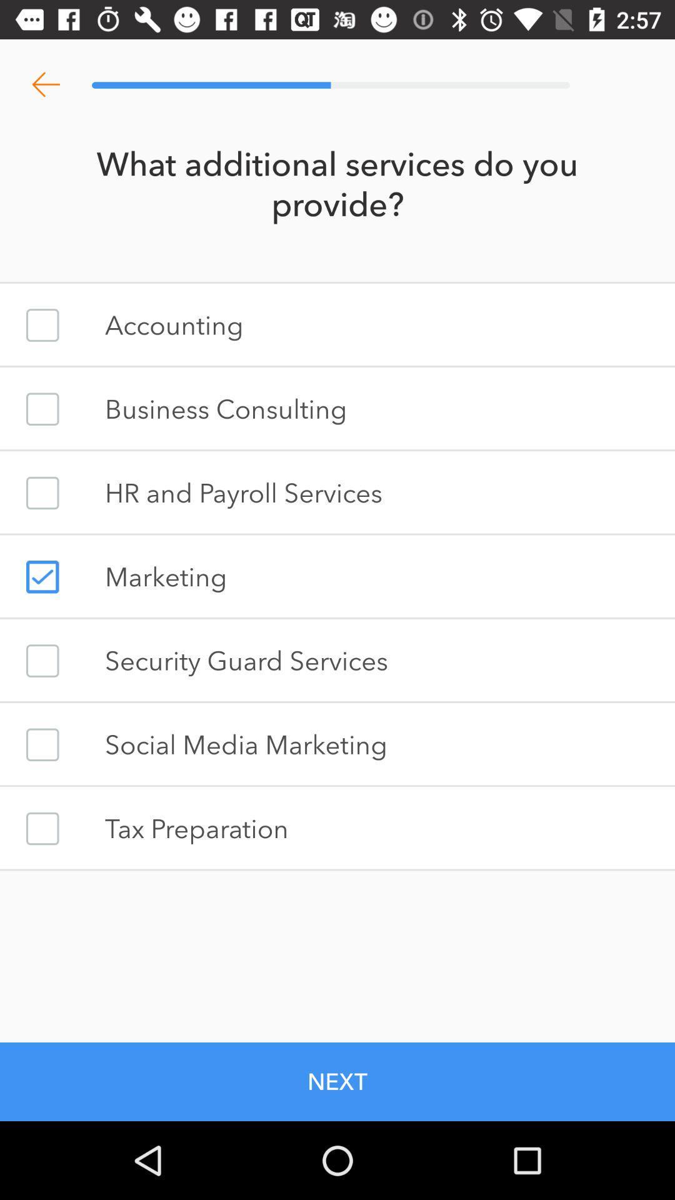  Describe the element at coordinates (337, 1081) in the screenshot. I see `the next` at that location.